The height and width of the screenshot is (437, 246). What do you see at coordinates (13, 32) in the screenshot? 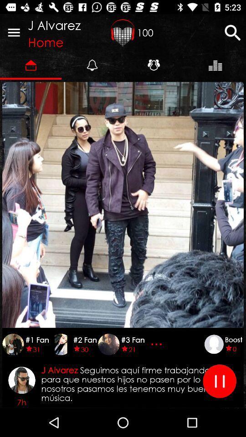
I see `menu` at bounding box center [13, 32].